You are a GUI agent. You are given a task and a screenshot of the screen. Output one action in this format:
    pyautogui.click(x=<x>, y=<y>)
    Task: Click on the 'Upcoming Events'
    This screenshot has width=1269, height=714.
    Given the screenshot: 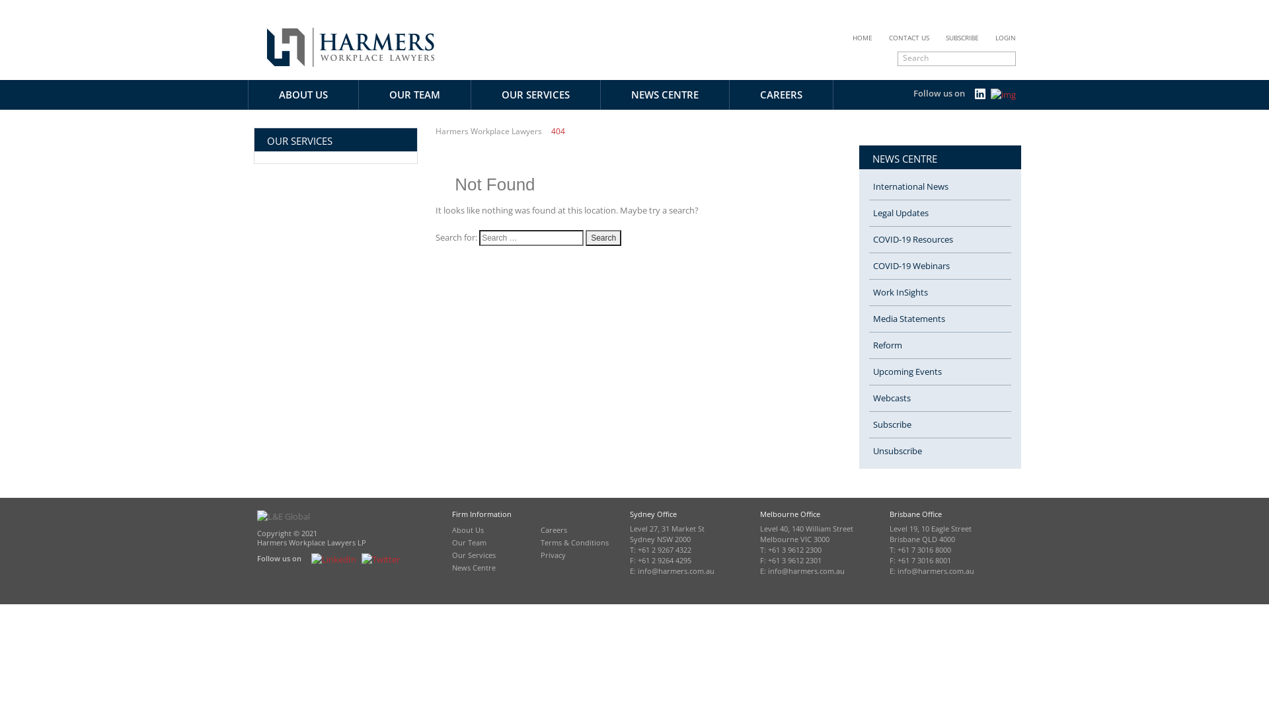 What is the action you would take?
    pyautogui.click(x=939, y=372)
    